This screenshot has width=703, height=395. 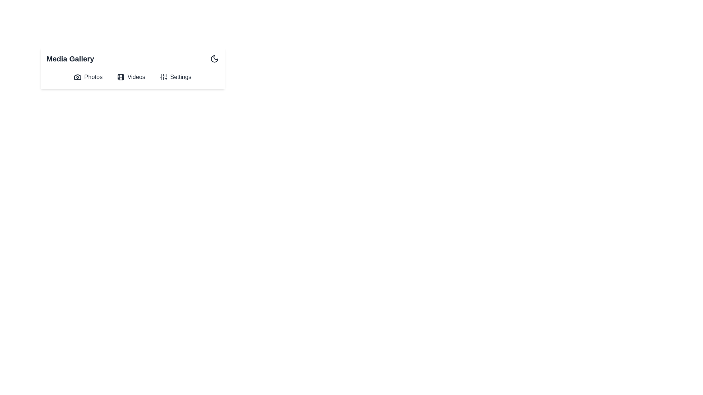 What do you see at coordinates (131, 77) in the screenshot?
I see `the 'Videos' button to open the Videos view` at bounding box center [131, 77].